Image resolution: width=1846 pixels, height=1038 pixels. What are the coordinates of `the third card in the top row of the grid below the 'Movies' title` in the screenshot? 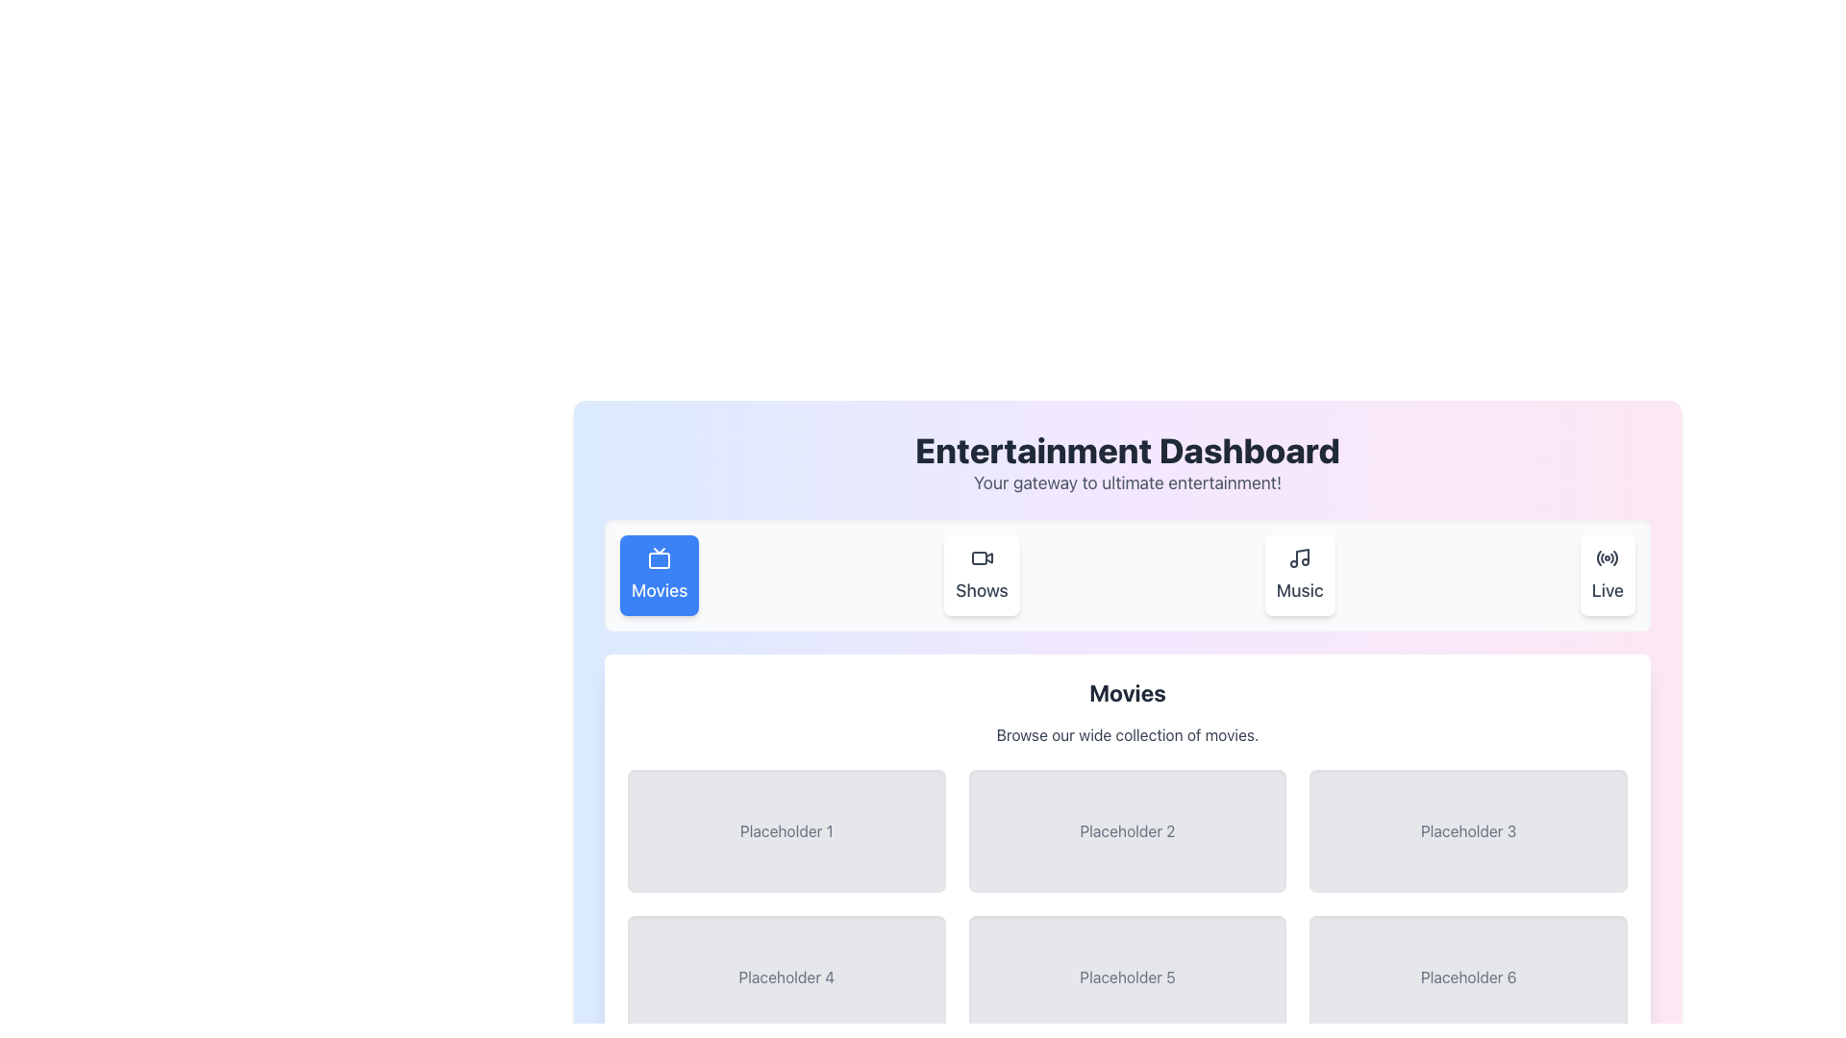 It's located at (1467, 829).